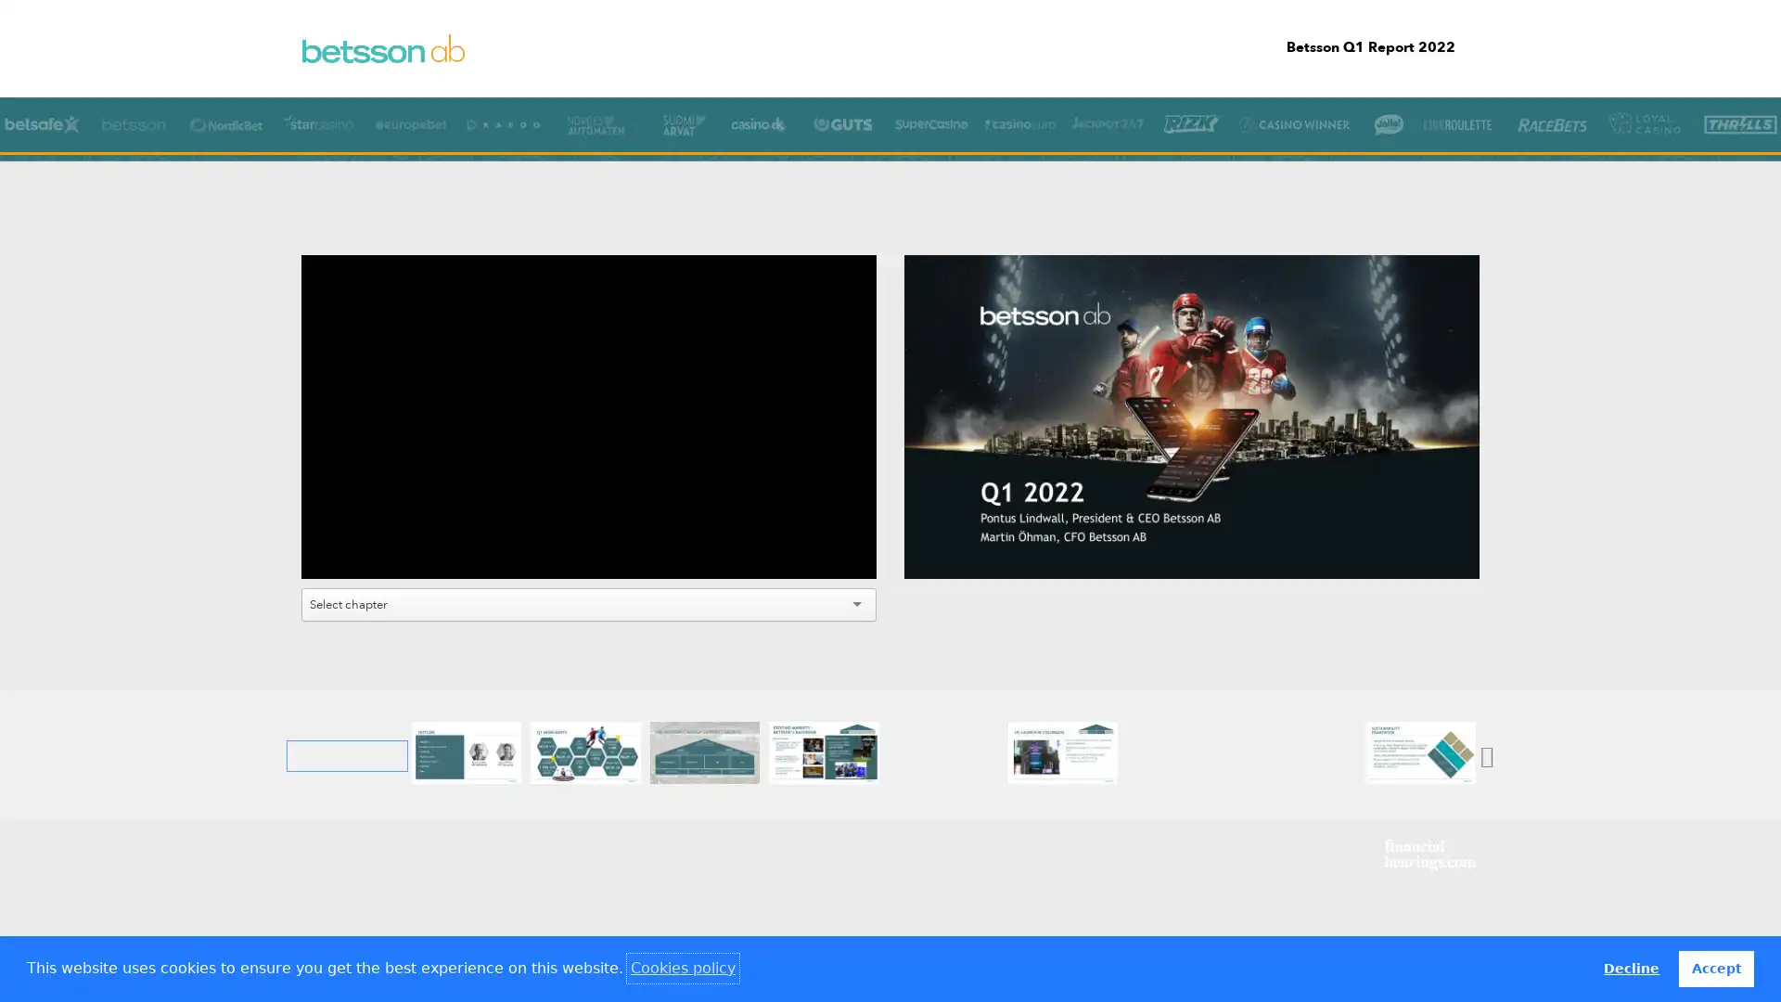 This screenshot has height=1002, width=1781. Describe the element at coordinates (818, 549) in the screenshot. I see `Settings` at that location.